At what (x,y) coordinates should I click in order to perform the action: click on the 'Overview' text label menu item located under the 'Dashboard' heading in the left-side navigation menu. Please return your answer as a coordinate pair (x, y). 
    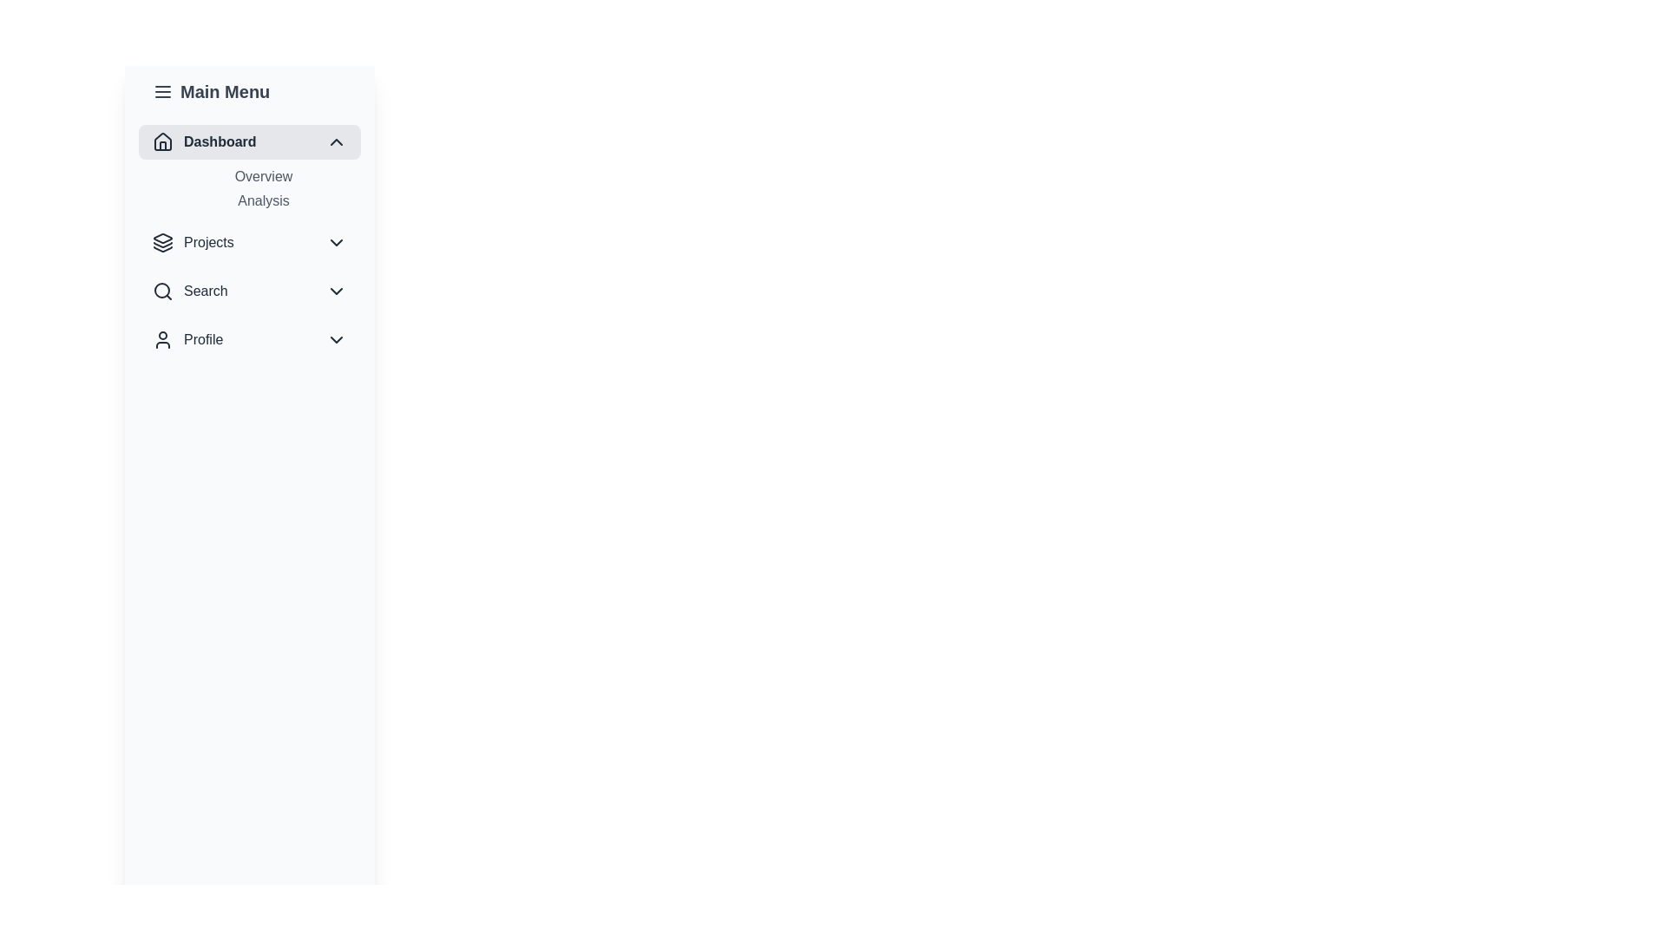
    Looking at the image, I should click on (262, 177).